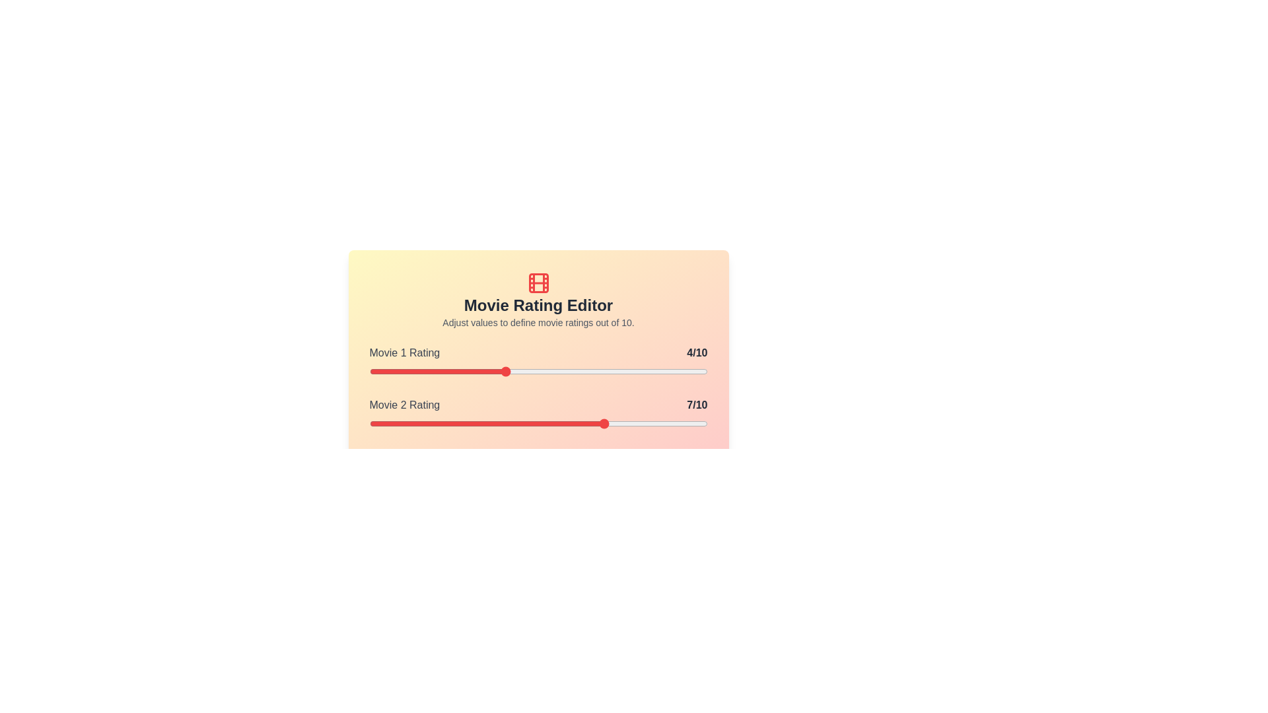  What do you see at coordinates (538, 305) in the screenshot?
I see `the 'Movie Rating Editor' title to focus on it` at bounding box center [538, 305].